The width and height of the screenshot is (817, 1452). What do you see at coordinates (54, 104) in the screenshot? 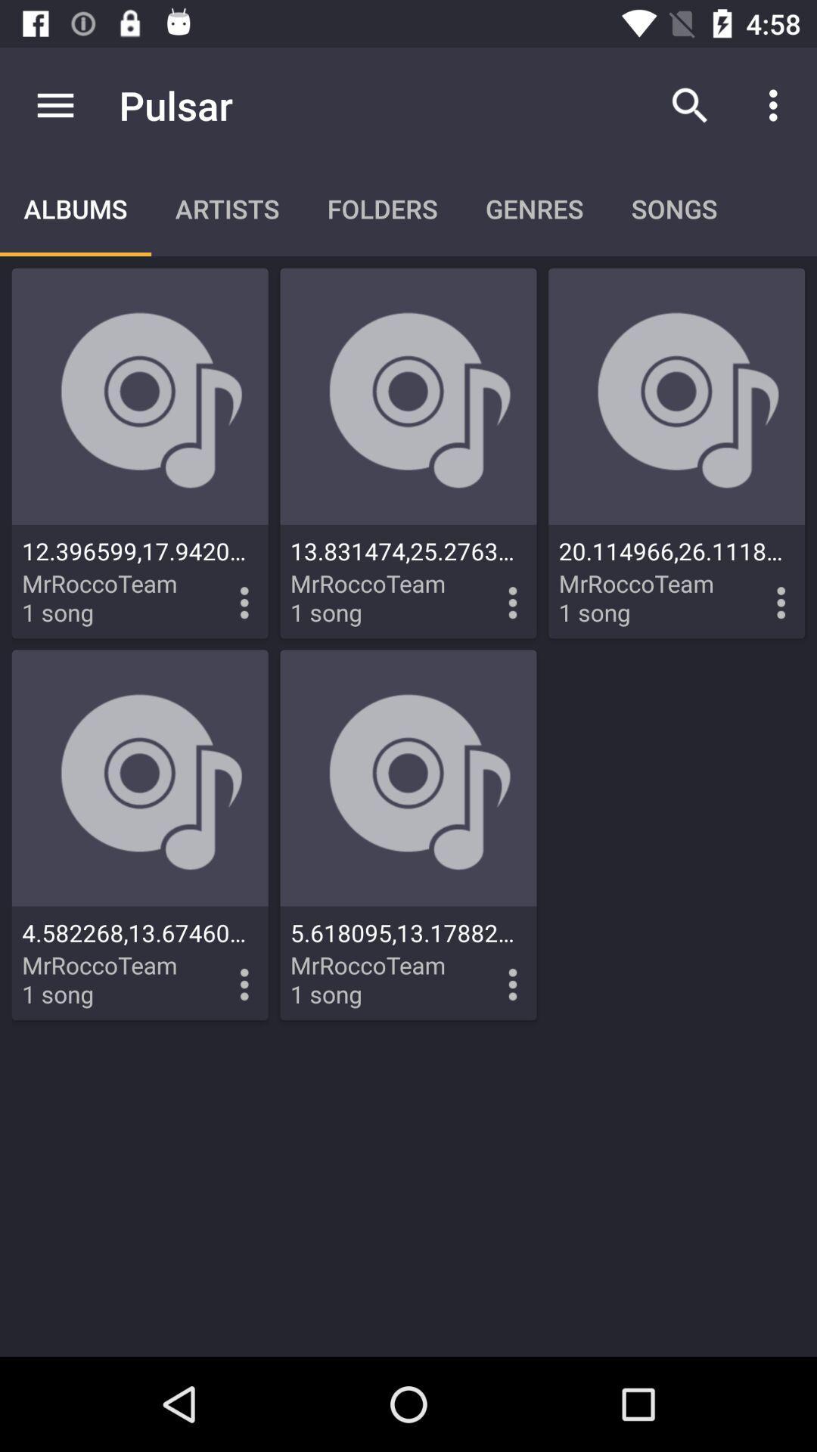
I see `the item next to pulsar item` at bounding box center [54, 104].